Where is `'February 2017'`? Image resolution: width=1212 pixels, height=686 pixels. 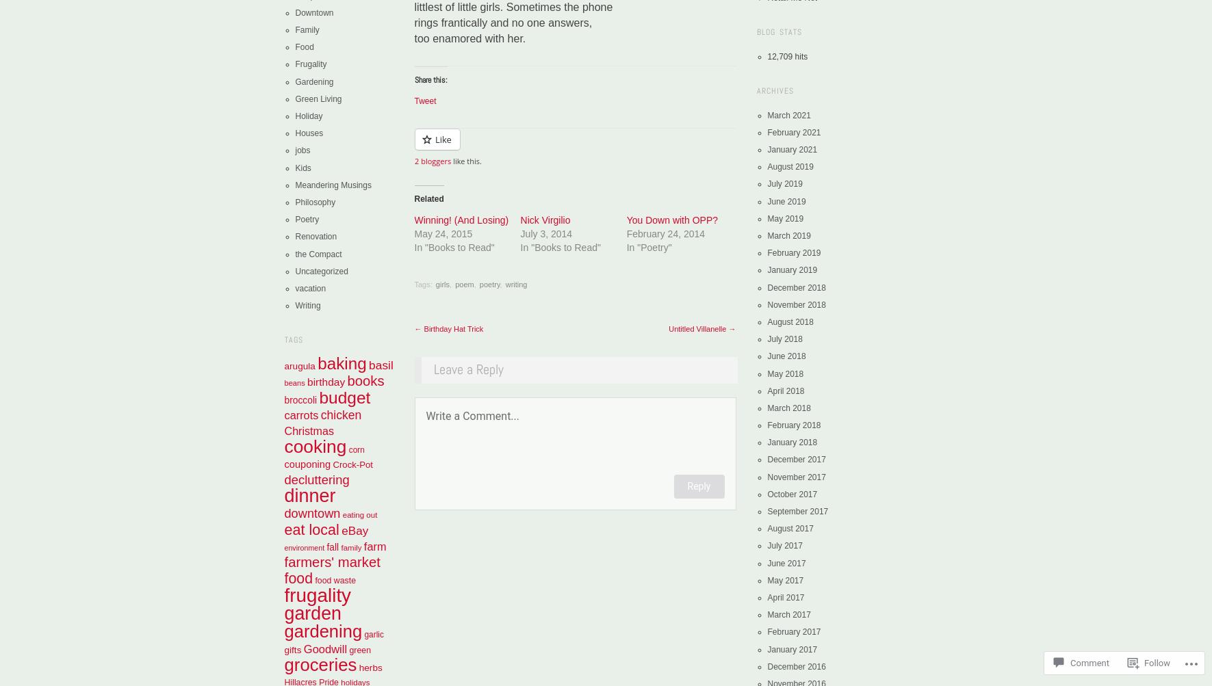
'February 2017' is located at coordinates (794, 631).